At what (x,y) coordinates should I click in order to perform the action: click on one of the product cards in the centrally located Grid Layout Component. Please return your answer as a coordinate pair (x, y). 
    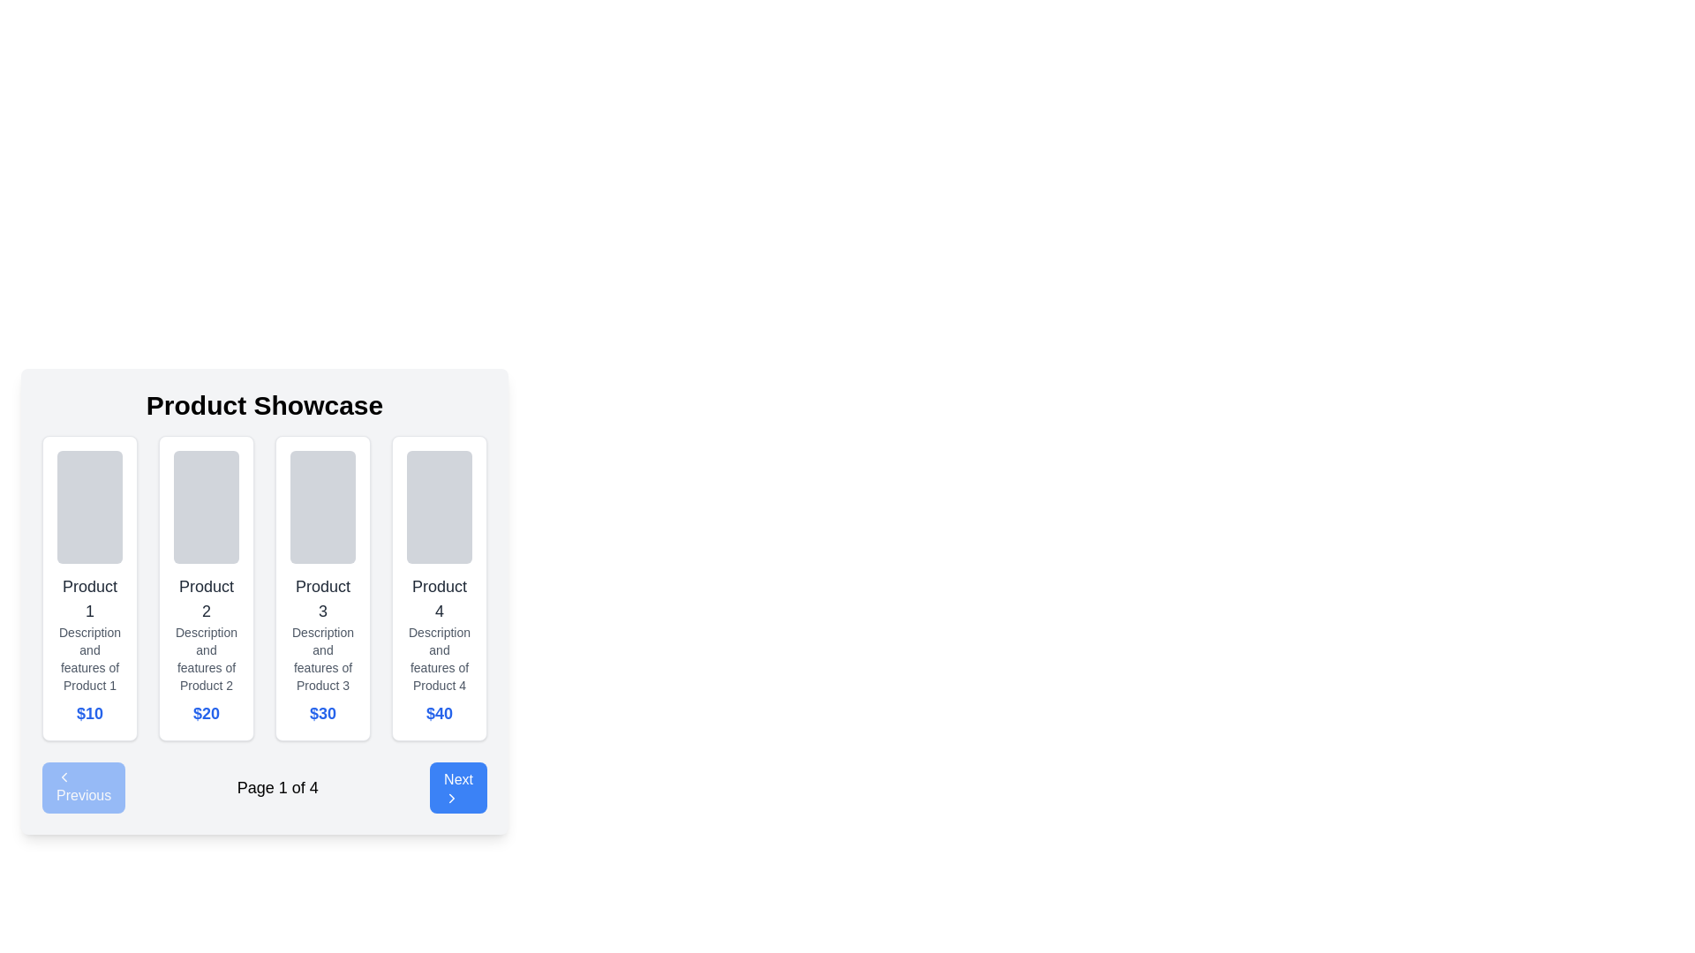
    Looking at the image, I should click on (263, 589).